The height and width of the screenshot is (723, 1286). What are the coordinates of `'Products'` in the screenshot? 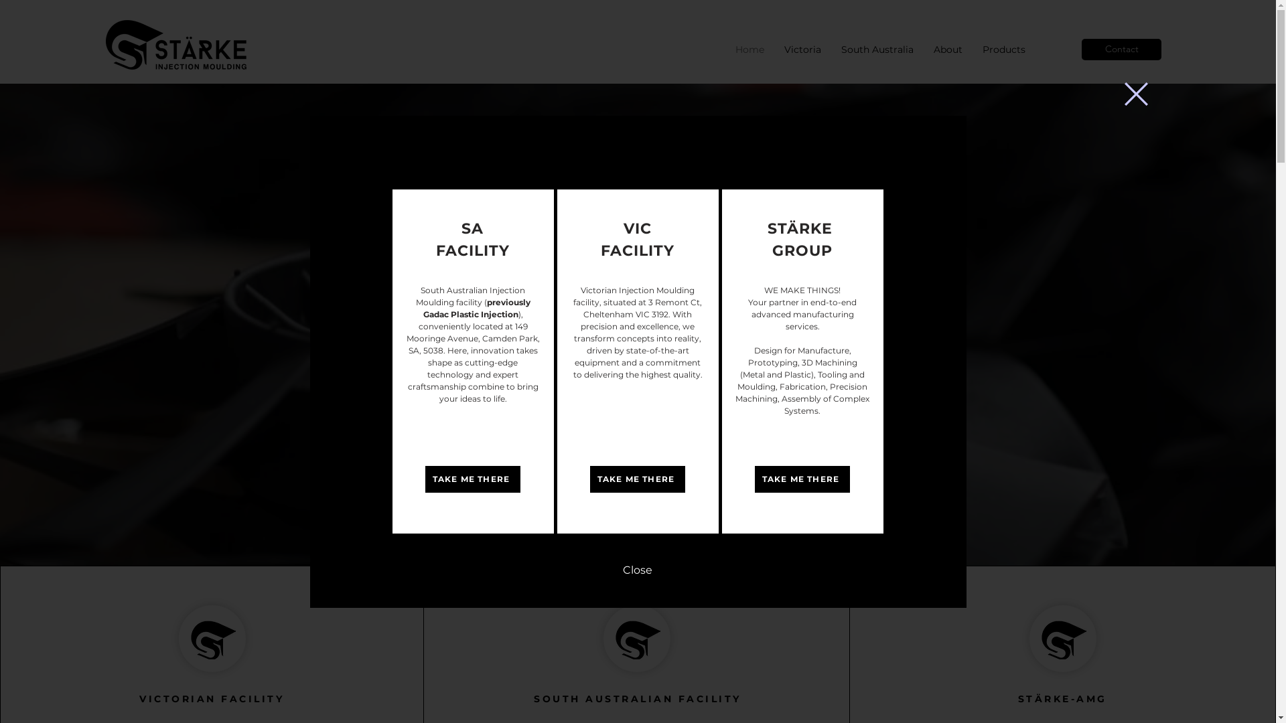 It's located at (1003, 48).